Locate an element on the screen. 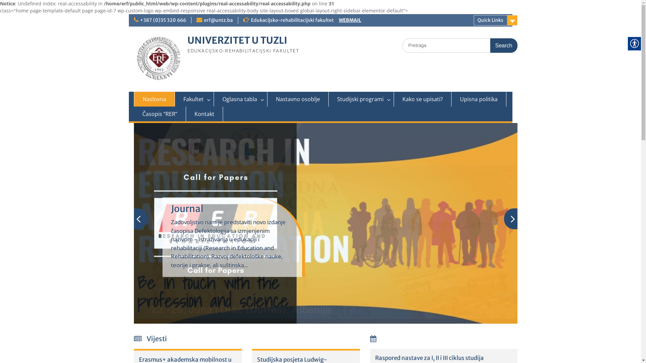 The width and height of the screenshot is (646, 363). 'Studijski programi' is located at coordinates (361, 99).